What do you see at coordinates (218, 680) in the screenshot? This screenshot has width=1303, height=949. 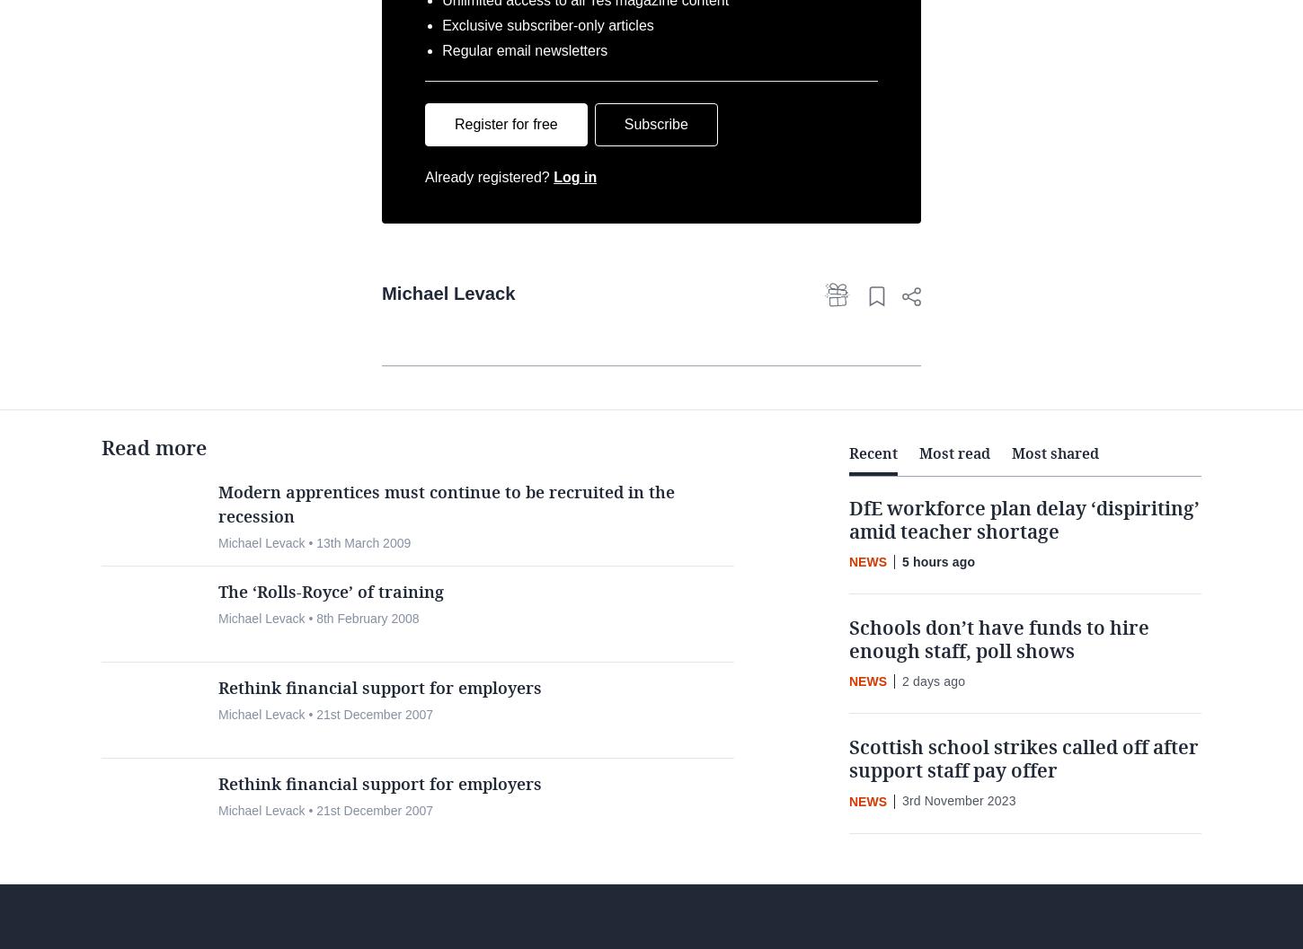 I see `'Michael Levack • 8th February 2008'` at bounding box center [218, 680].